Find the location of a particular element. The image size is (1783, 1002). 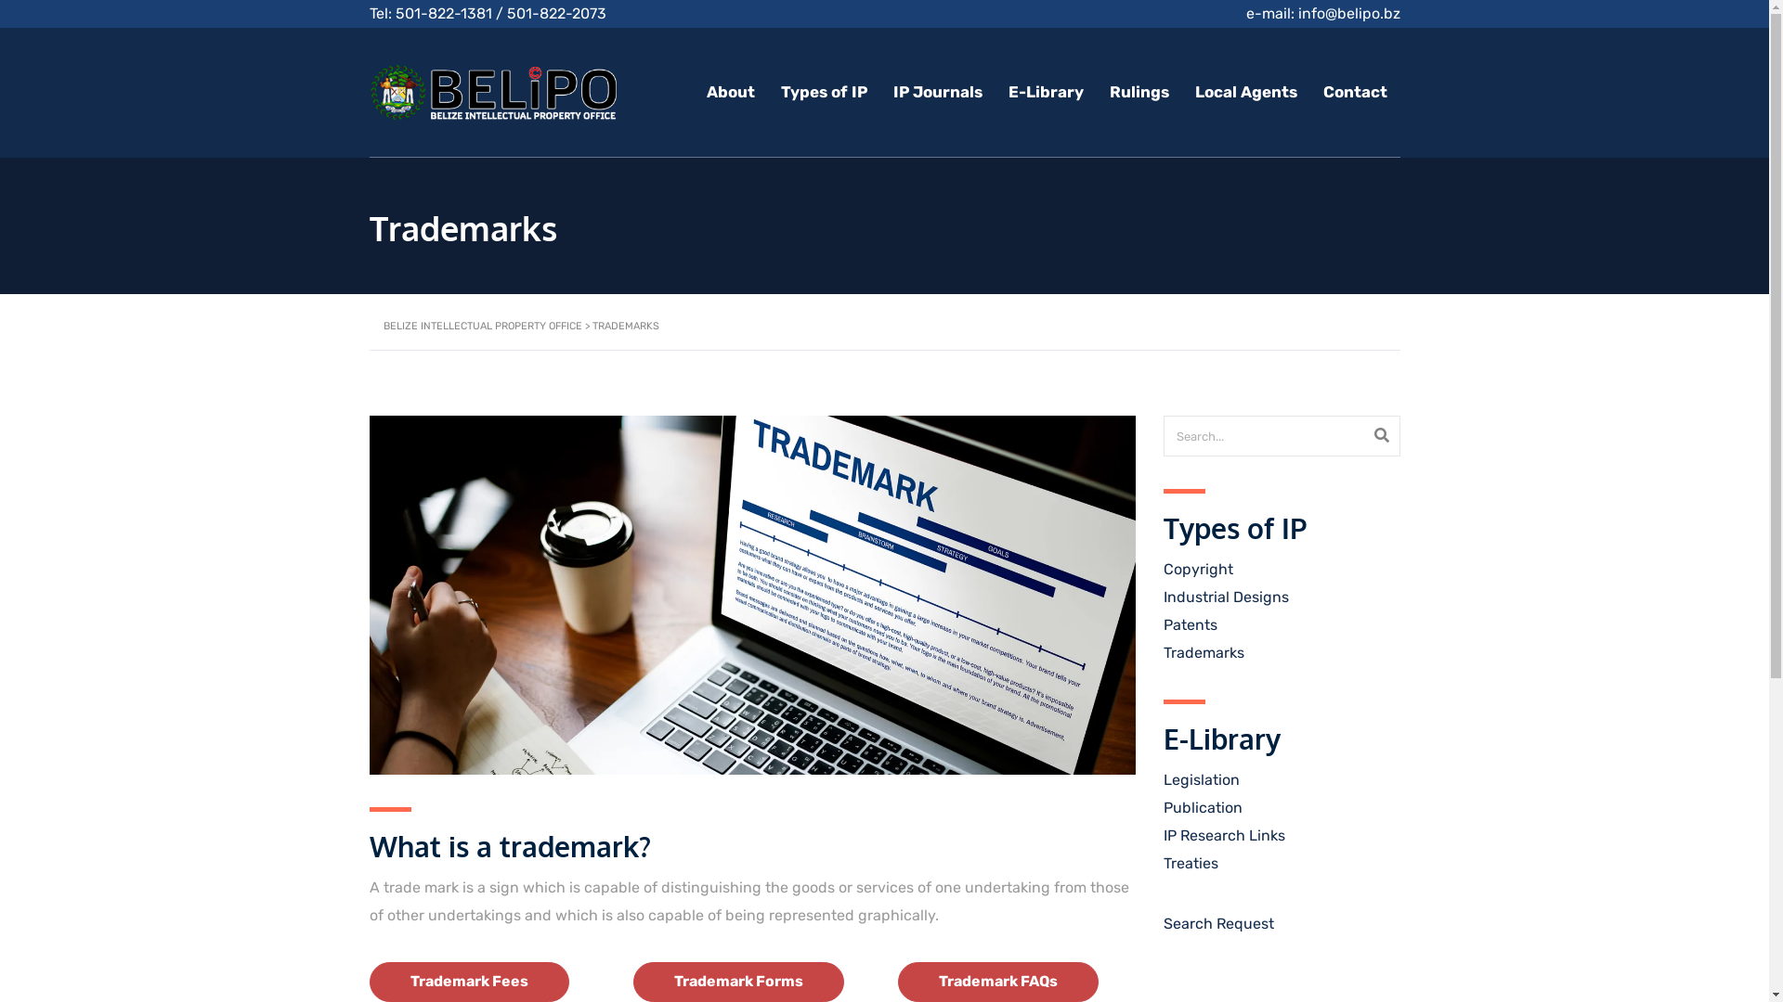

'IP Journals' is located at coordinates (937, 92).